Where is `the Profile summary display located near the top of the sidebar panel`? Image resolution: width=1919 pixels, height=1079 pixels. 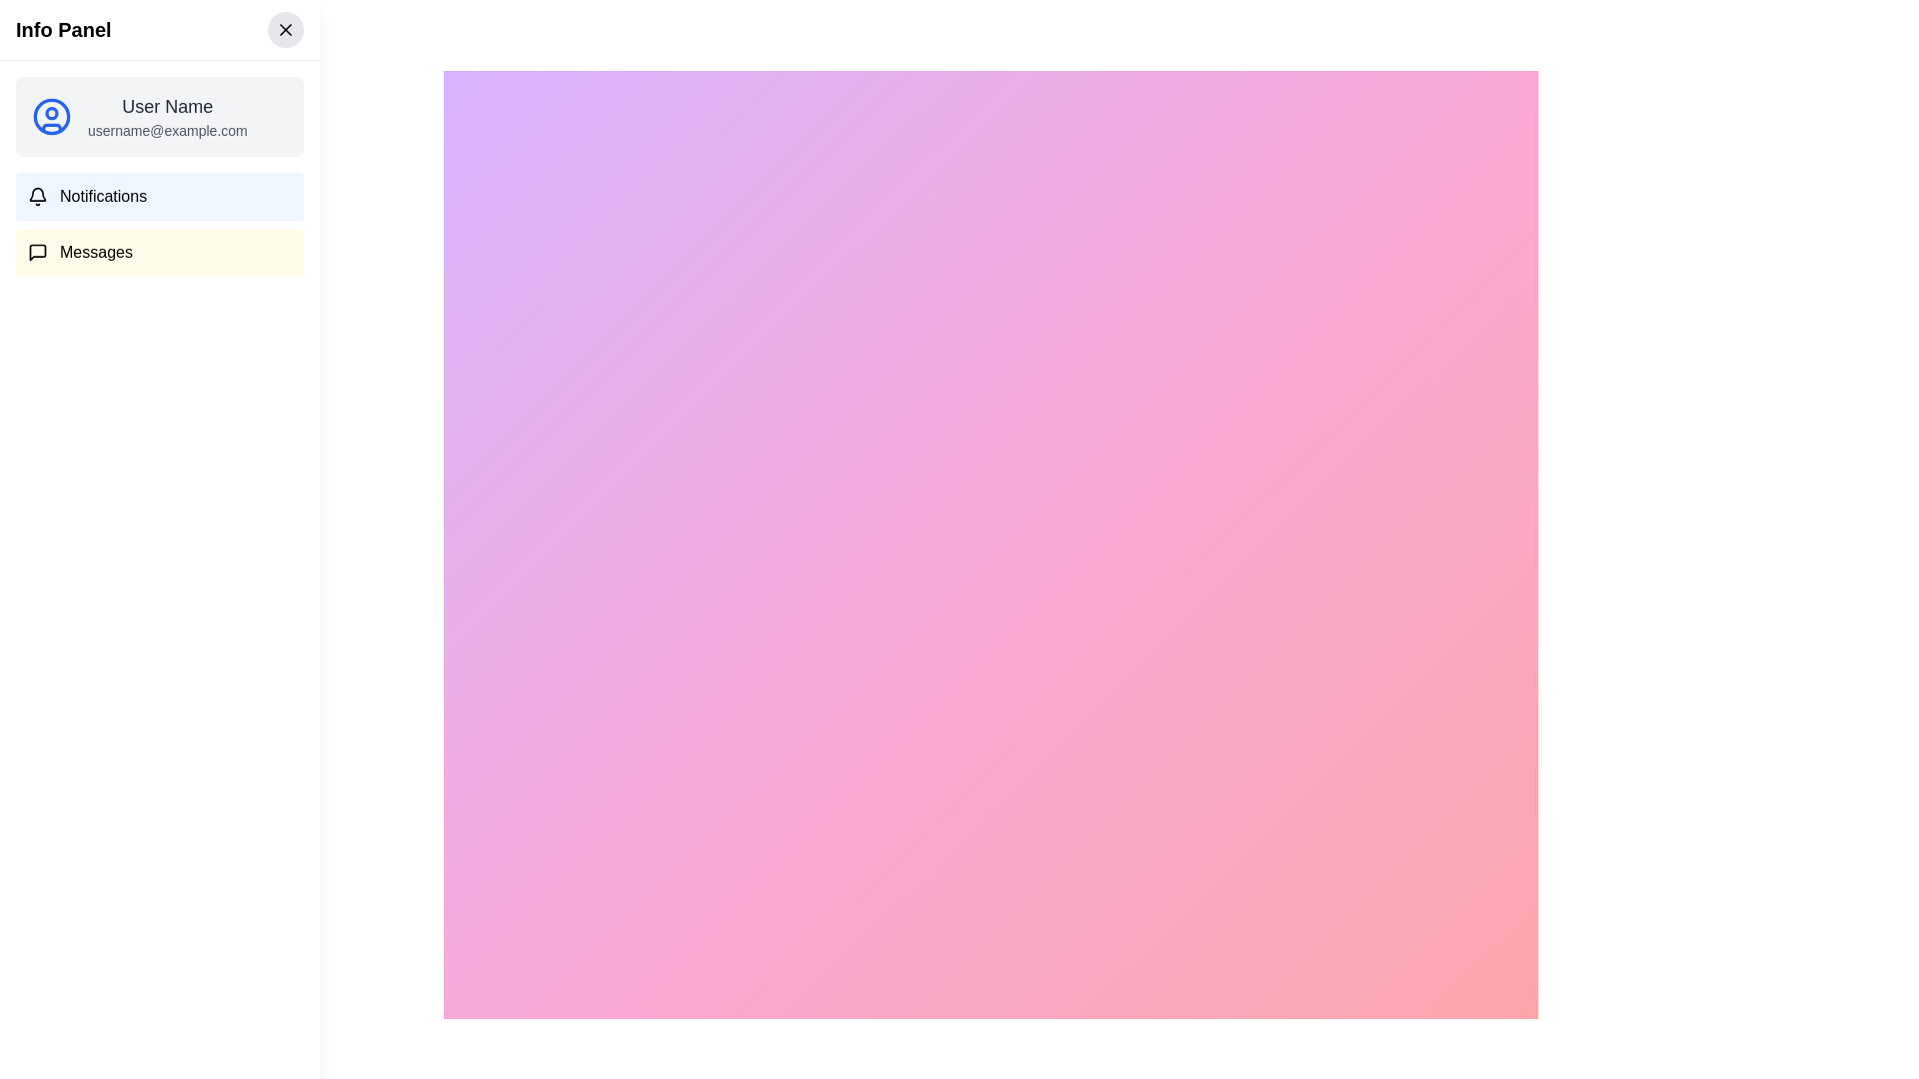 the Profile summary display located near the top of the sidebar panel is located at coordinates (158, 116).